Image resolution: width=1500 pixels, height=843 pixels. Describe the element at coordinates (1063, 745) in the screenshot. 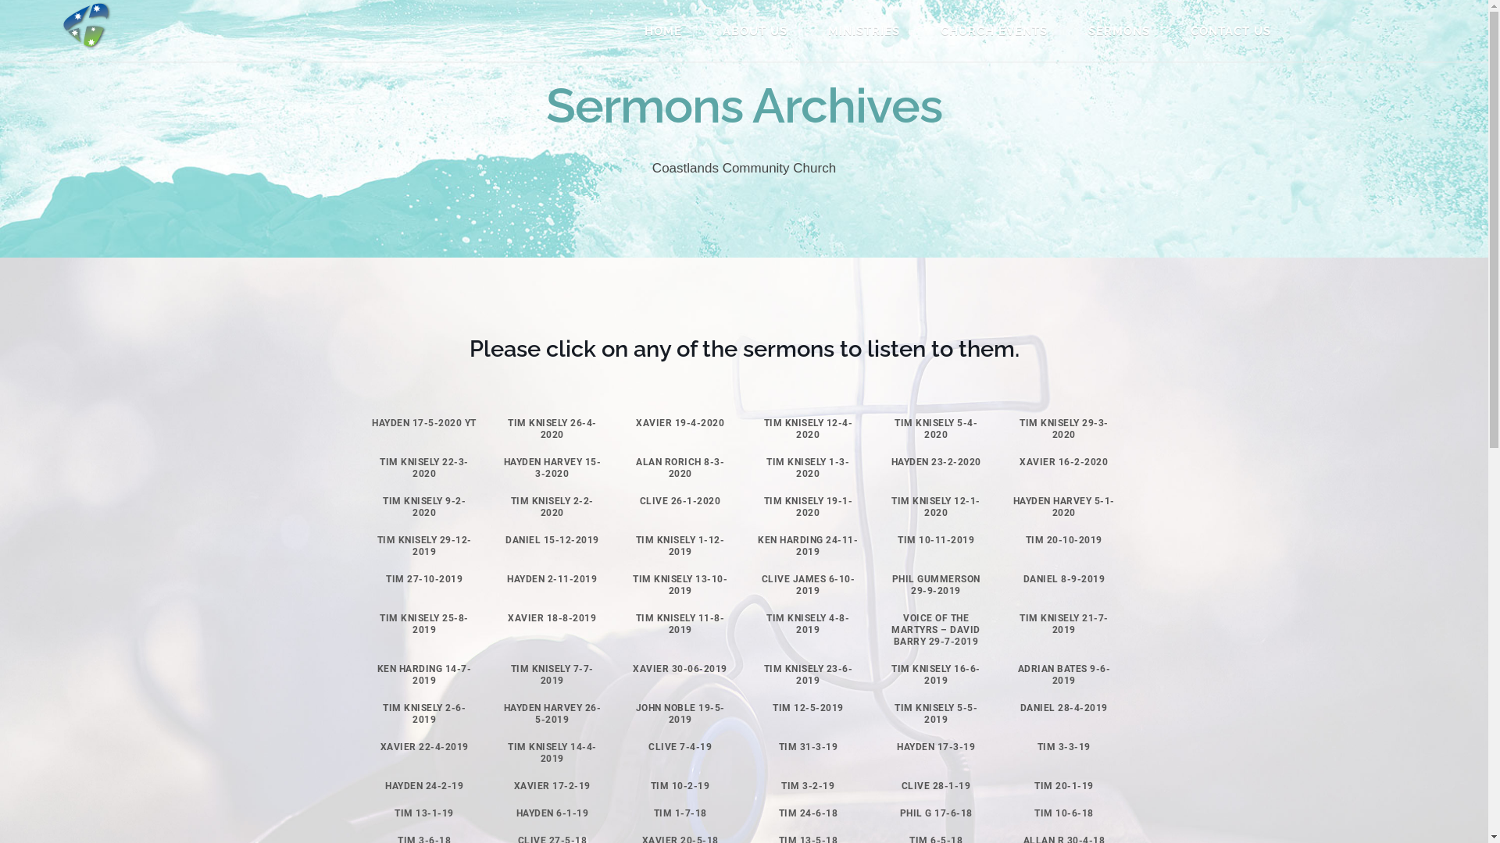

I see `'TIM 3-3-19'` at that location.